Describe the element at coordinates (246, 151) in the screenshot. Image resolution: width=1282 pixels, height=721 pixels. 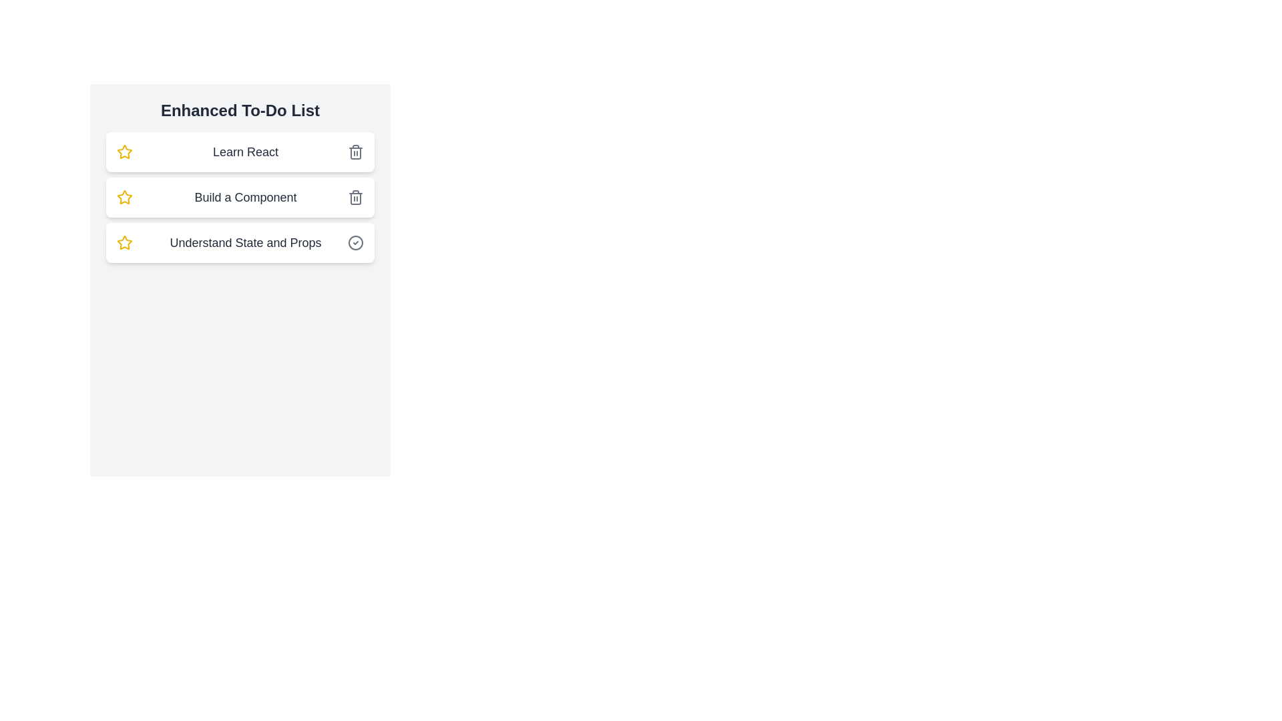
I see `the informational text label that describes the task 'Learn React', which is the title for the first item in a vertical list of three similar styled list items` at that location.